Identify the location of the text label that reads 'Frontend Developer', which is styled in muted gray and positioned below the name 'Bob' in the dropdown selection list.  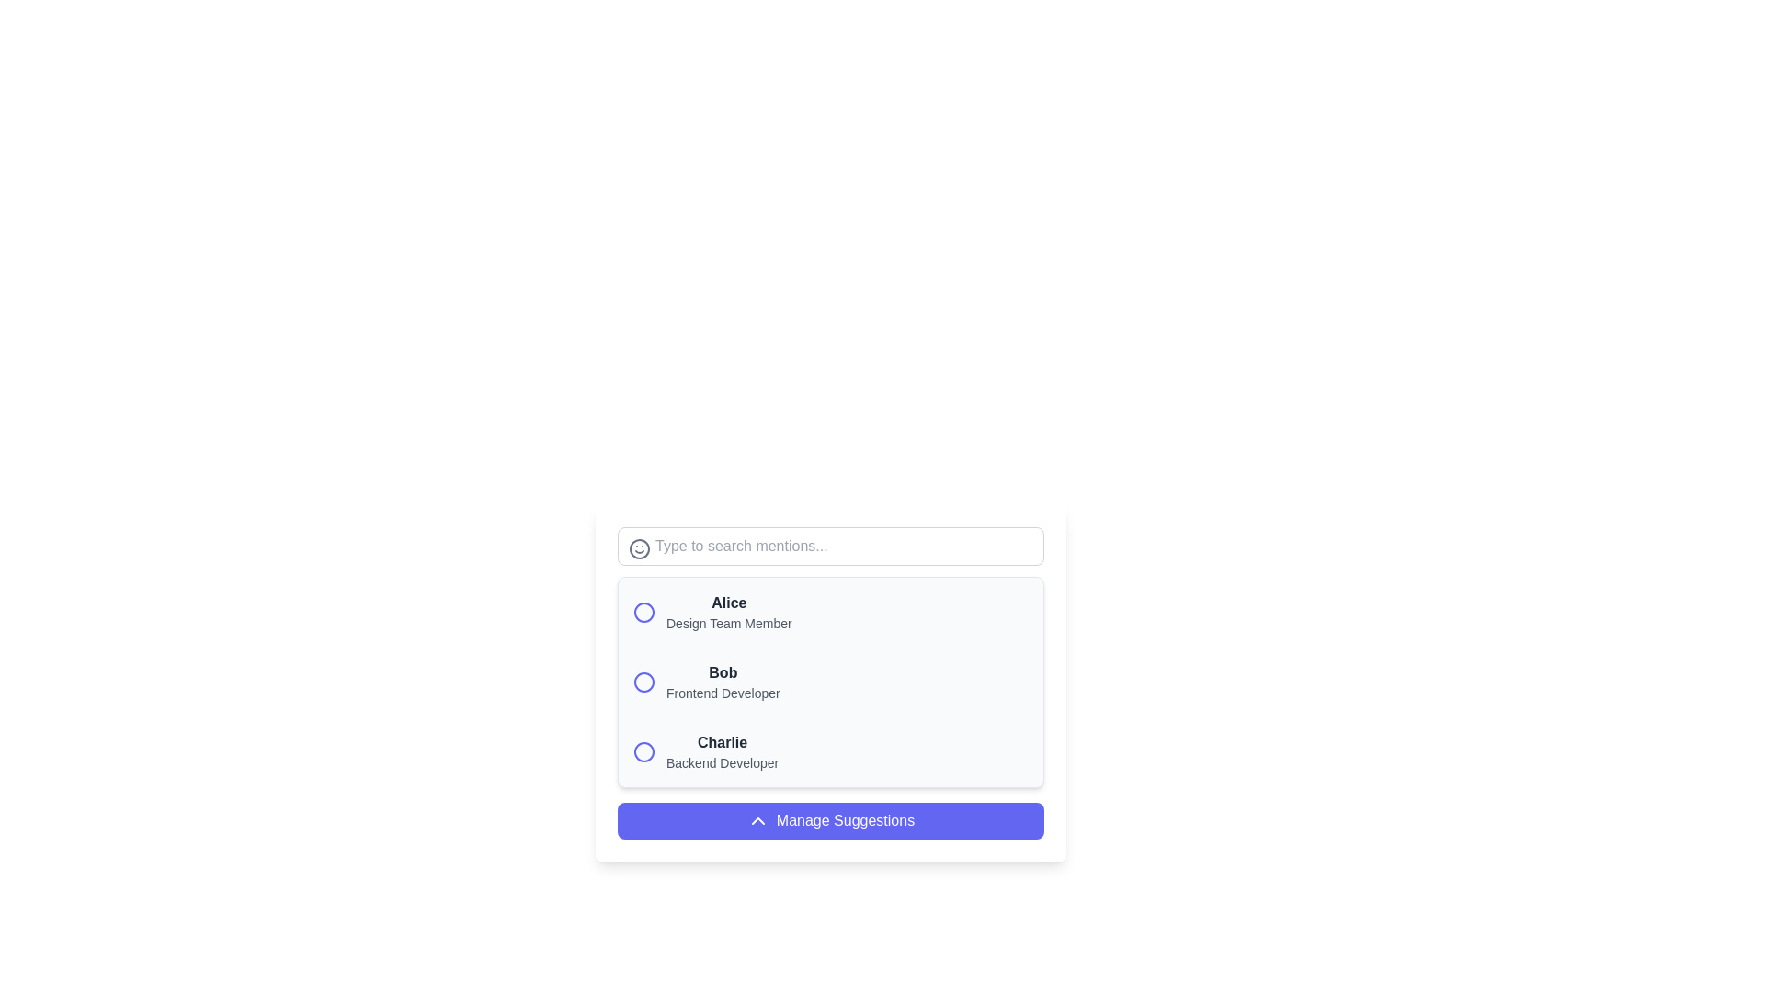
(722, 693).